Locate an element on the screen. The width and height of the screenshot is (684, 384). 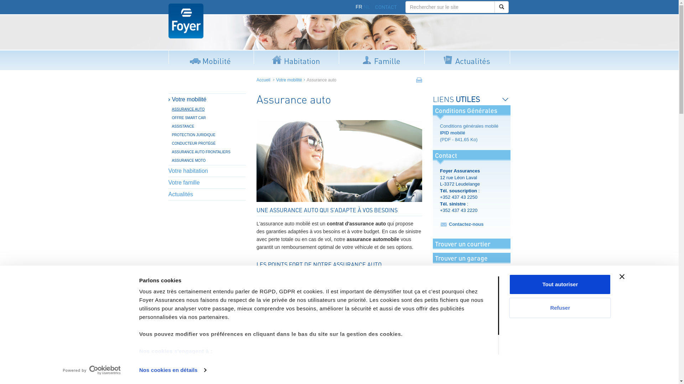
'Famille' is located at coordinates (381, 59).